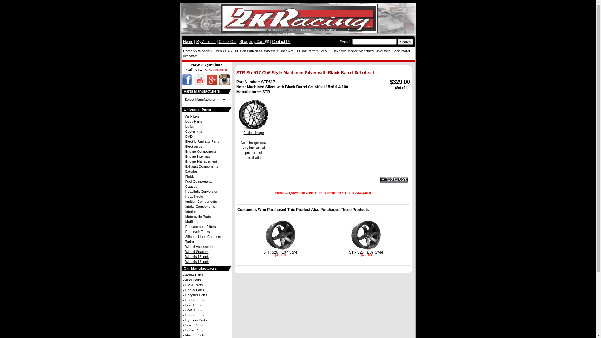 The width and height of the screenshot is (601, 338). I want to click on 'Wheels 16 inch', so click(185, 262).